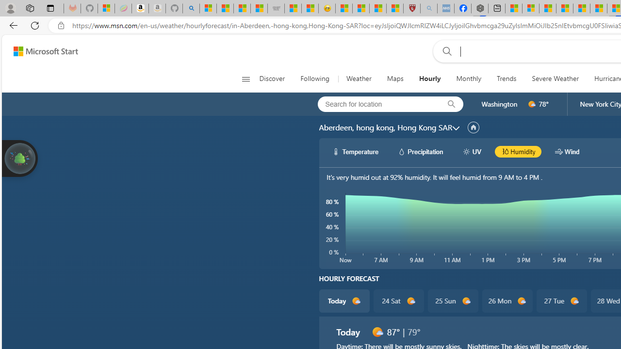 This screenshot has height=349, width=621. What do you see at coordinates (420, 151) in the screenshot?
I see `'hourlyChart/precipitationWhite Precipitation'` at bounding box center [420, 151].